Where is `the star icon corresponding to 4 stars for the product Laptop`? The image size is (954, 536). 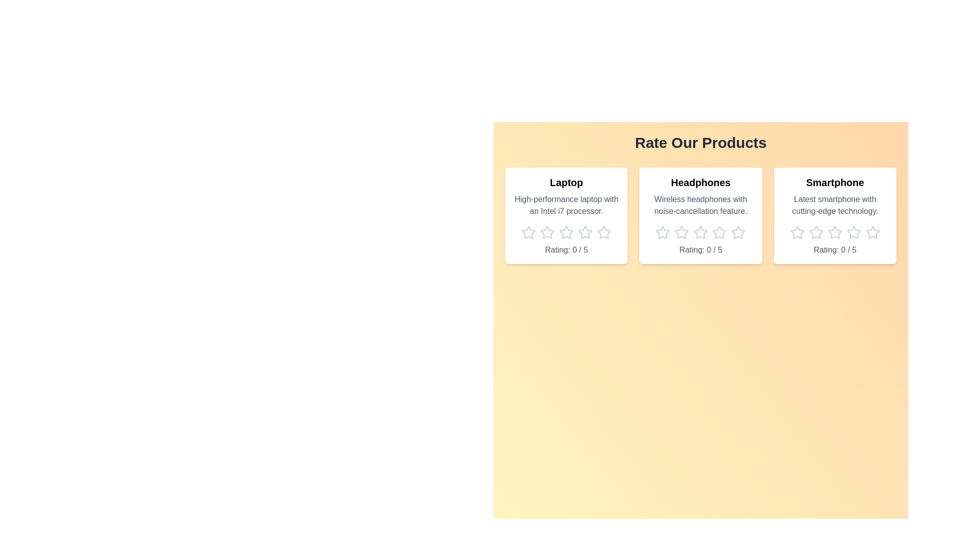
the star icon corresponding to 4 stars for the product Laptop is located at coordinates (585, 233).